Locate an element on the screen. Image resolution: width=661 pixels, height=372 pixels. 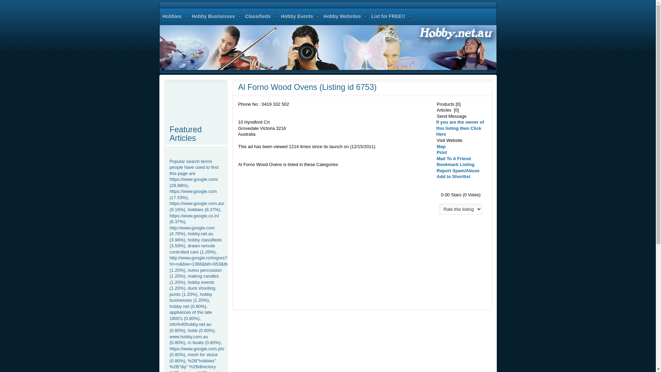
'Hobby Businesses' is located at coordinates (215, 16).